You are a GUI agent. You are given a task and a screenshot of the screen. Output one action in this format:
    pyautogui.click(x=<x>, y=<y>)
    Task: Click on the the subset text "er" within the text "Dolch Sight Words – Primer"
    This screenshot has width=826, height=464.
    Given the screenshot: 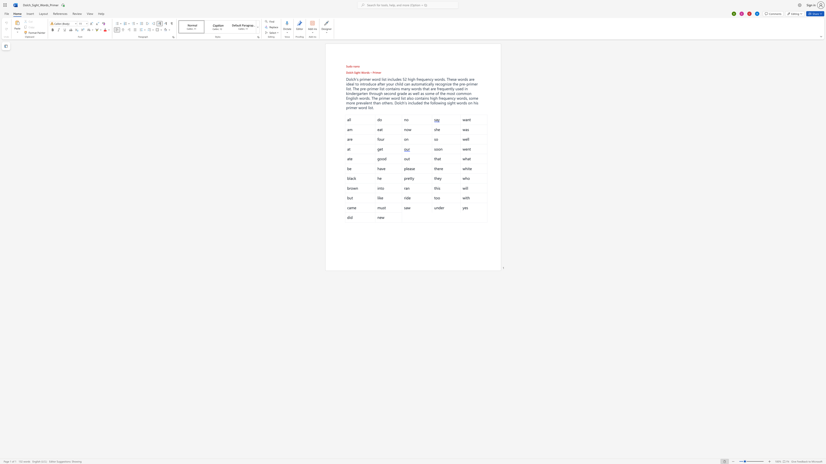 What is the action you would take?
    pyautogui.click(x=378, y=72)
    